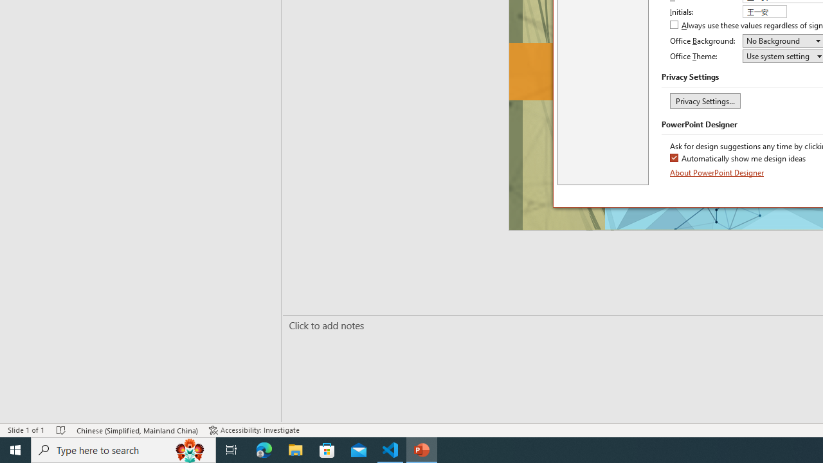 The height and width of the screenshot is (463, 823). What do you see at coordinates (264, 449) in the screenshot?
I see `'Microsoft Edge'` at bounding box center [264, 449].